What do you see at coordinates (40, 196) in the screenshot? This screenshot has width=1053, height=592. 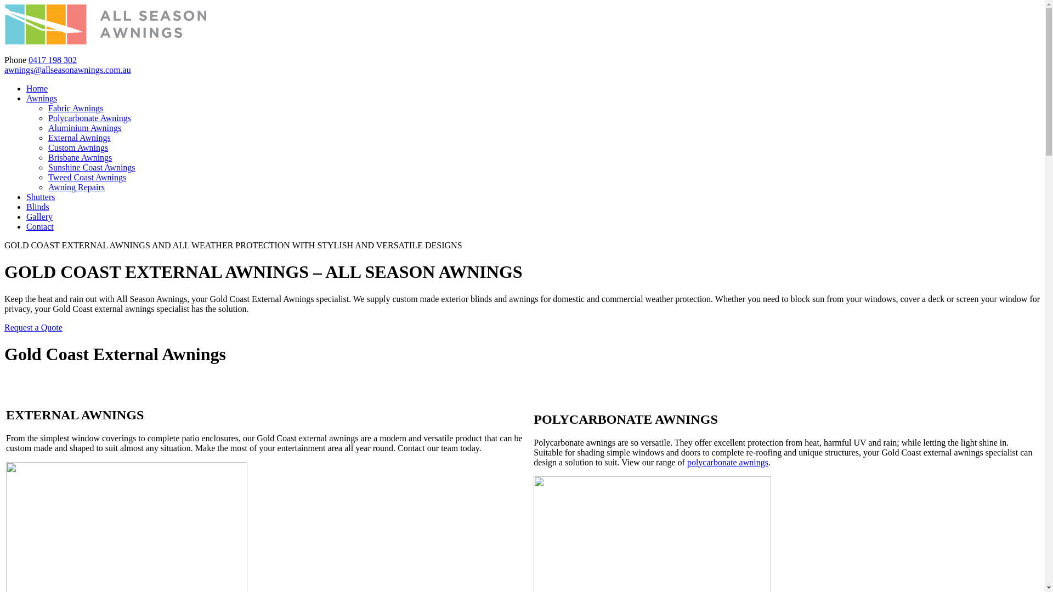 I see `'Shutters'` at bounding box center [40, 196].